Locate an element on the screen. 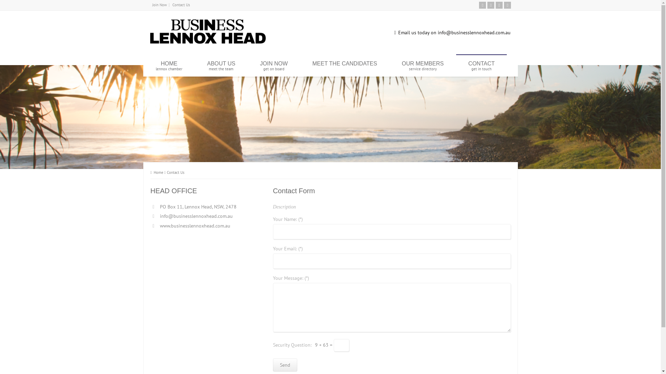  'ABOUT US is located at coordinates (221, 65).